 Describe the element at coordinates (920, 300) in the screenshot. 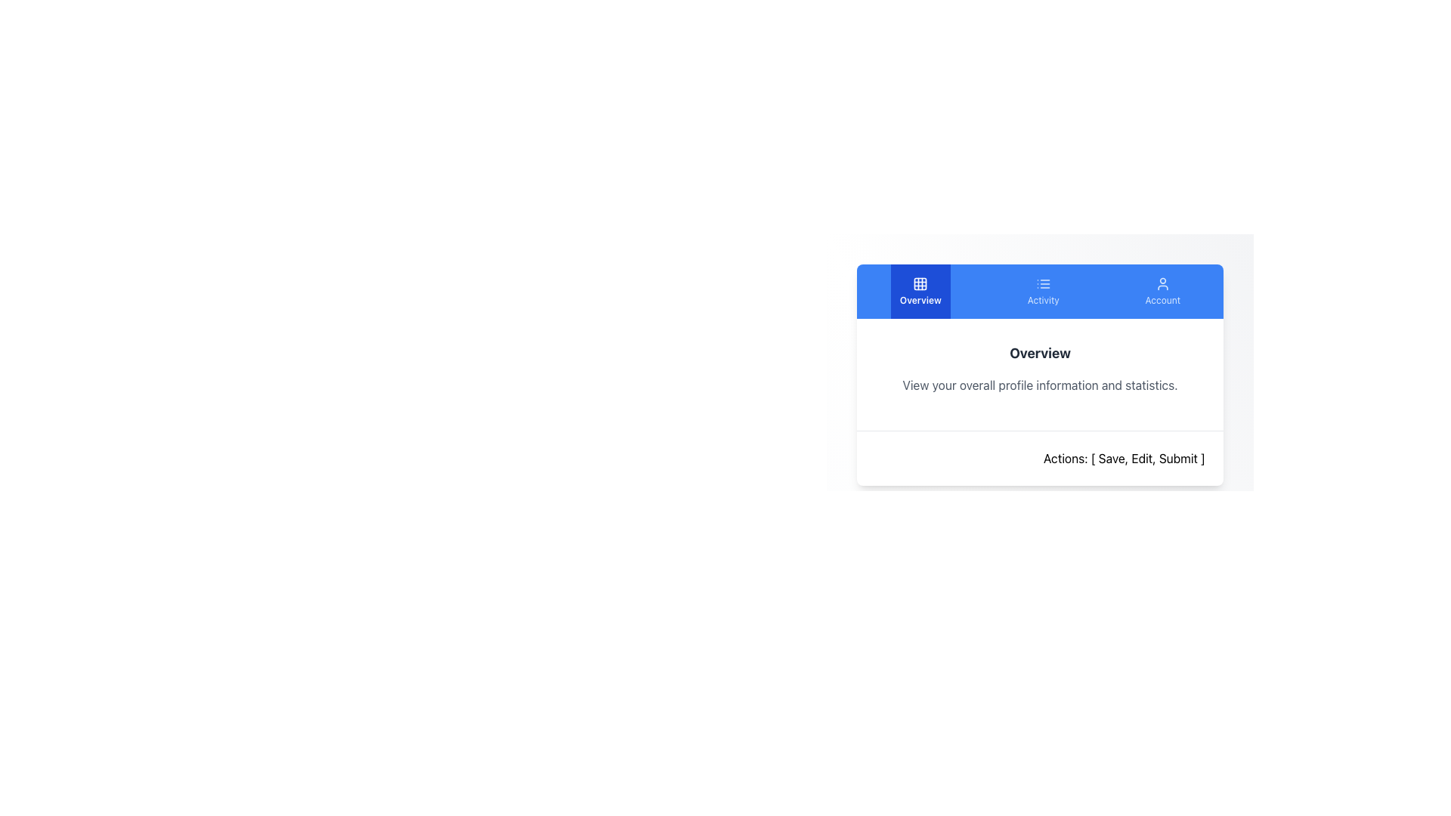

I see `the text label displaying 'Overview' located below the grid icon on the leftmost section of the horizontal navigation bar` at that location.